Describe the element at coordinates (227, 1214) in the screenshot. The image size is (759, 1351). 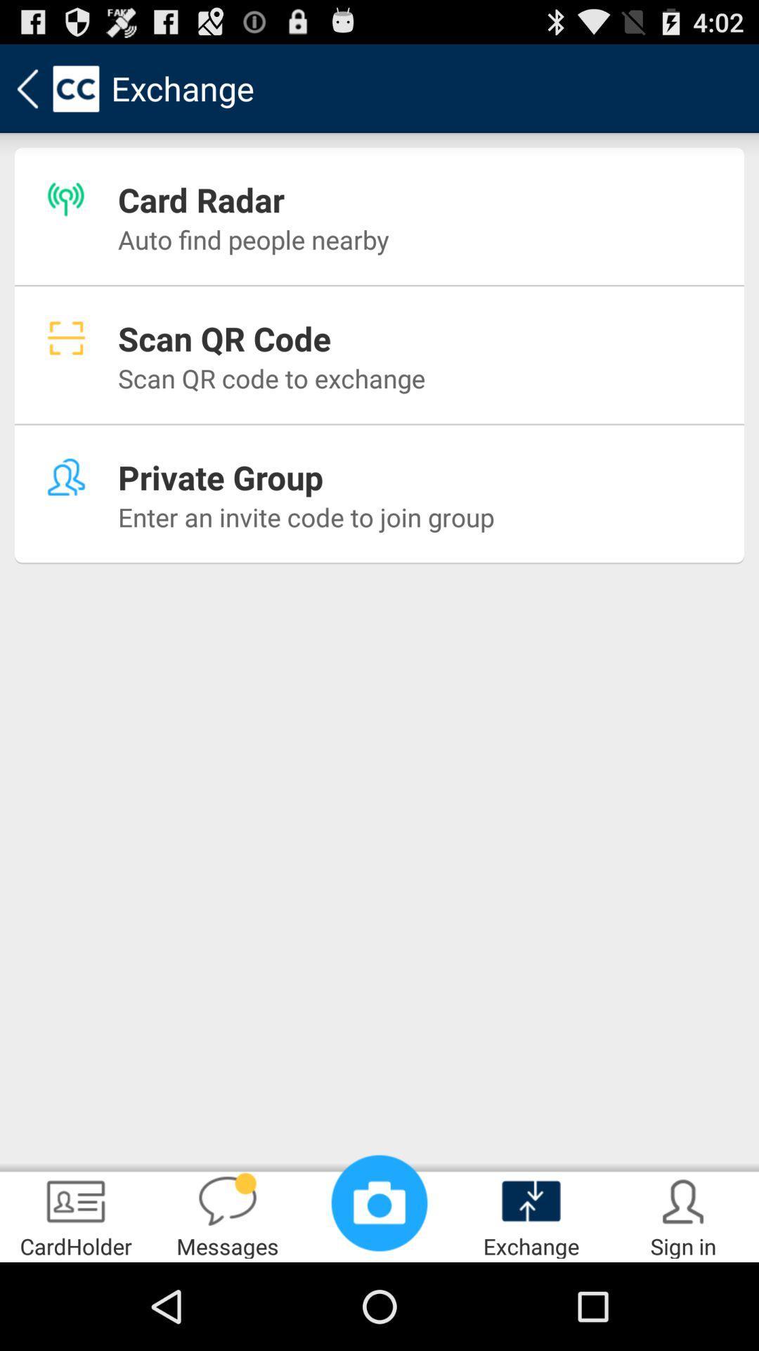
I see `the app below the enter an invite item` at that location.